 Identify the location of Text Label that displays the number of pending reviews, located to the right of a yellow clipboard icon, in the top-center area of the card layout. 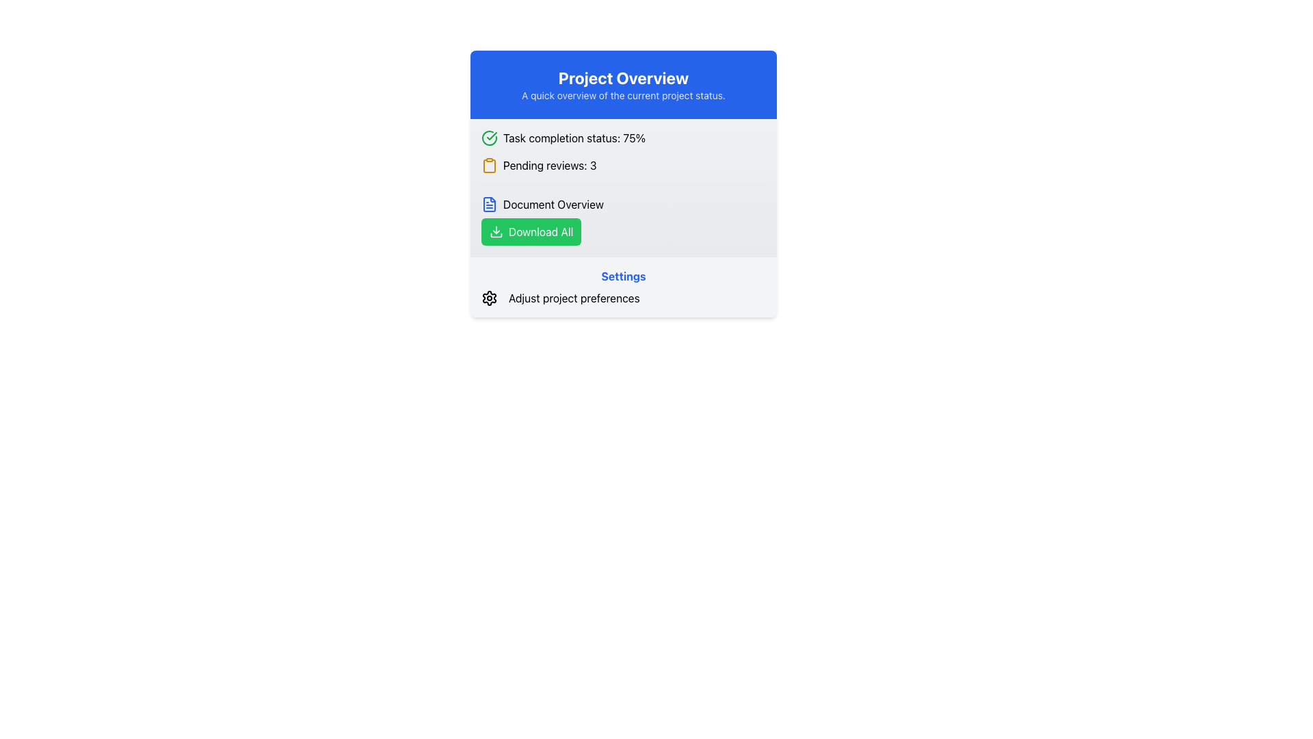
(550, 165).